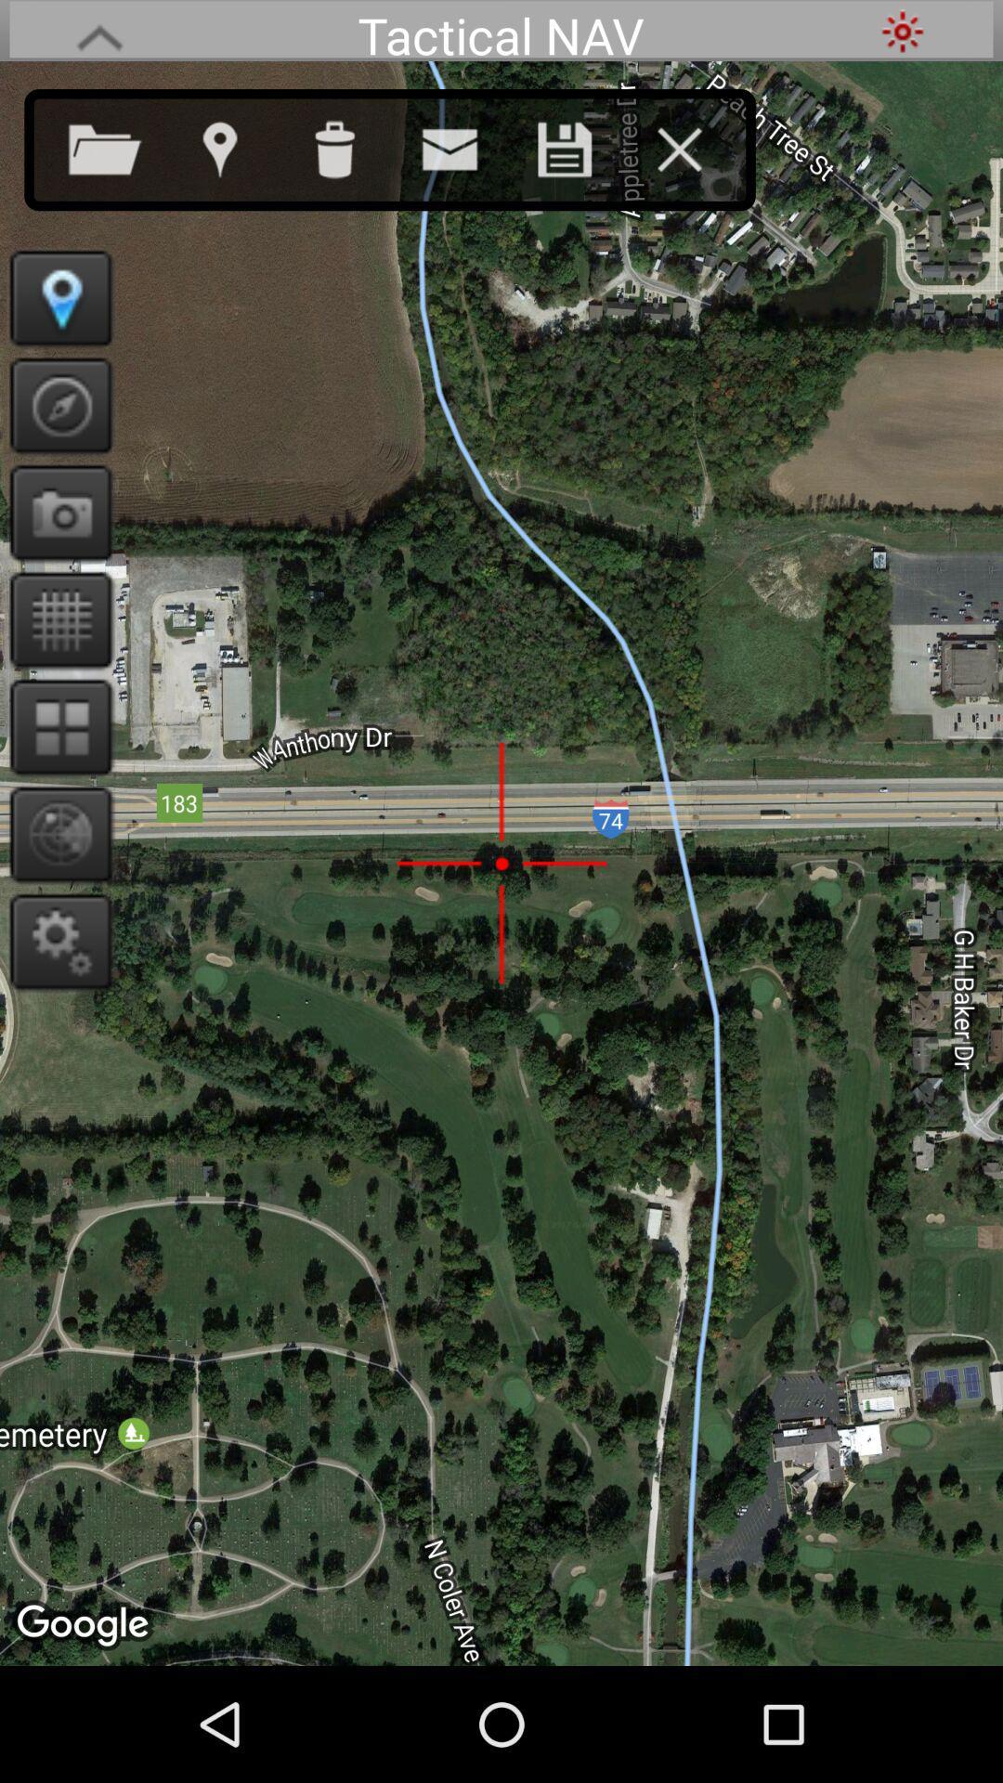 The image size is (1003, 1783). Describe the element at coordinates (54, 1007) in the screenshot. I see `the settings icon` at that location.